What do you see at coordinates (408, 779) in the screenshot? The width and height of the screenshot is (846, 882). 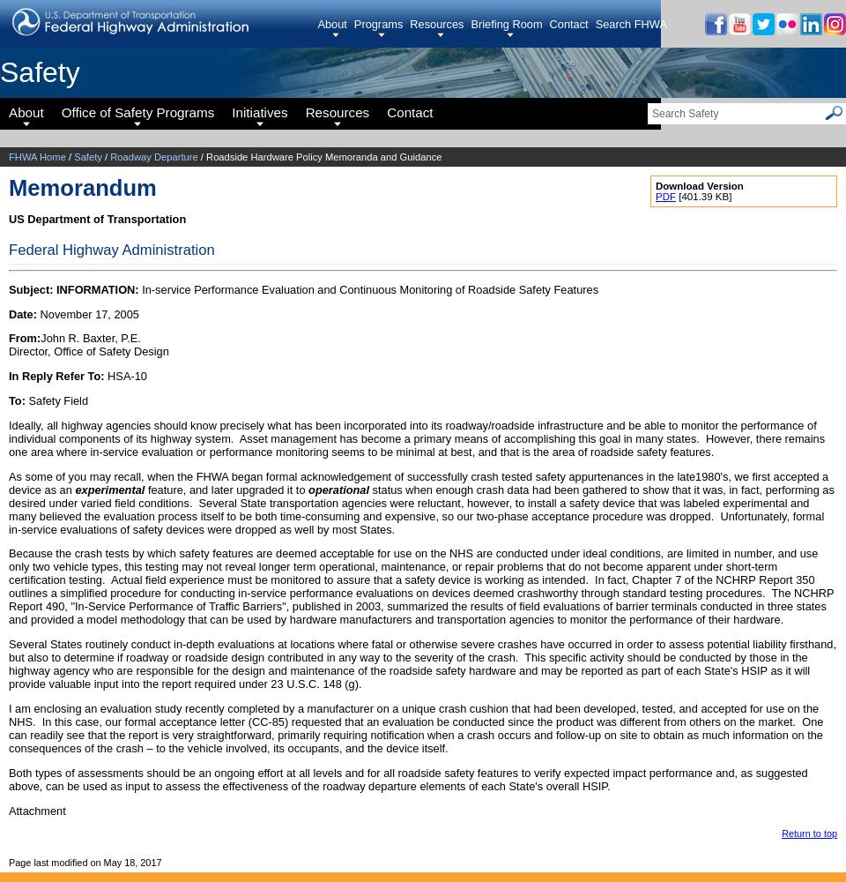 I see `'Both types of assessments should be an ongoing effort at all  levels and for all roadside safety features to verify expected impact  performance and, as suggested above, can be used as input to assess the  effectiveness of the roadway departure elements of each State's overall HSIP.'` at bounding box center [408, 779].